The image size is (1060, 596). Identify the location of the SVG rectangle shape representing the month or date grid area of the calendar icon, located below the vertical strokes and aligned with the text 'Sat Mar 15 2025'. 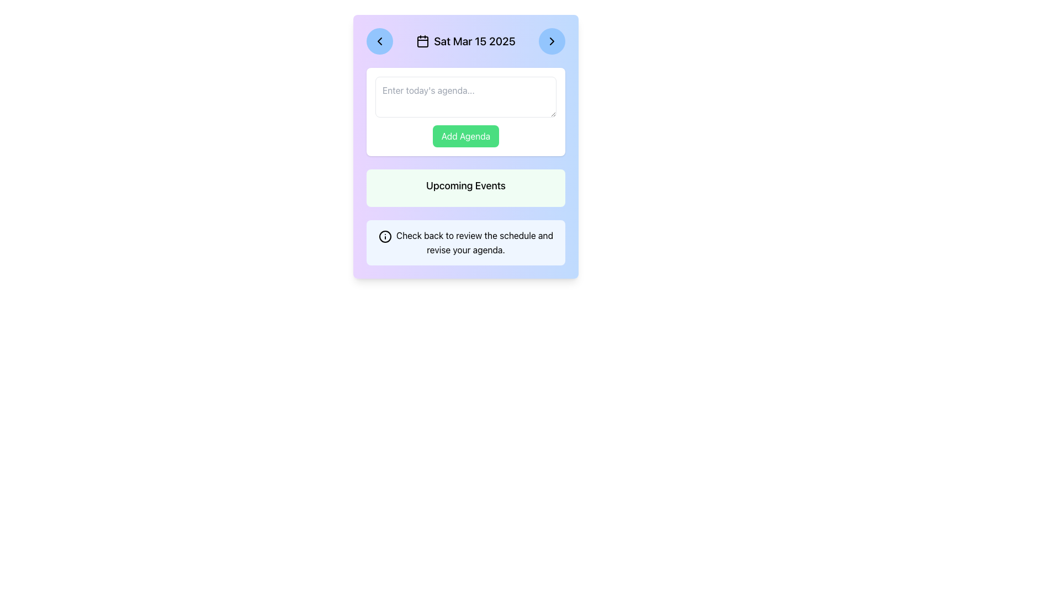
(422, 41).